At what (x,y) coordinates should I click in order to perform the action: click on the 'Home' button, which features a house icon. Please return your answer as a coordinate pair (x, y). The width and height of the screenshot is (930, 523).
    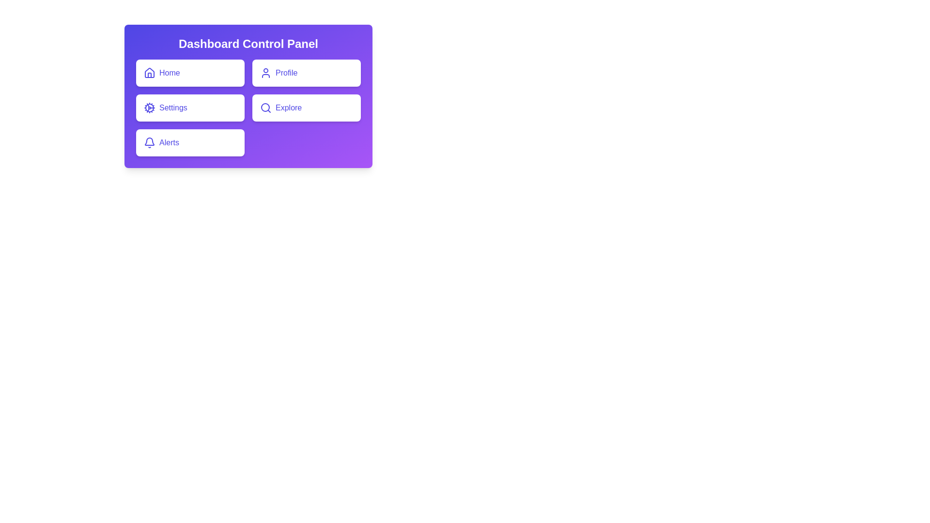
    Looking at the image, I should click on (149, 72).